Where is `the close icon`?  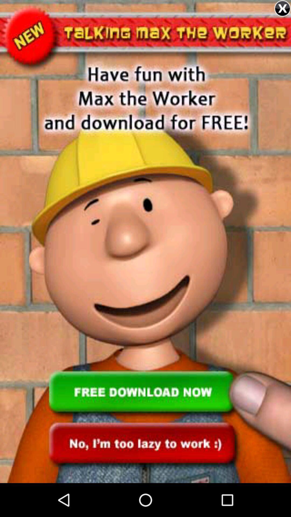 the close icon is located at coordinates (282, 9).